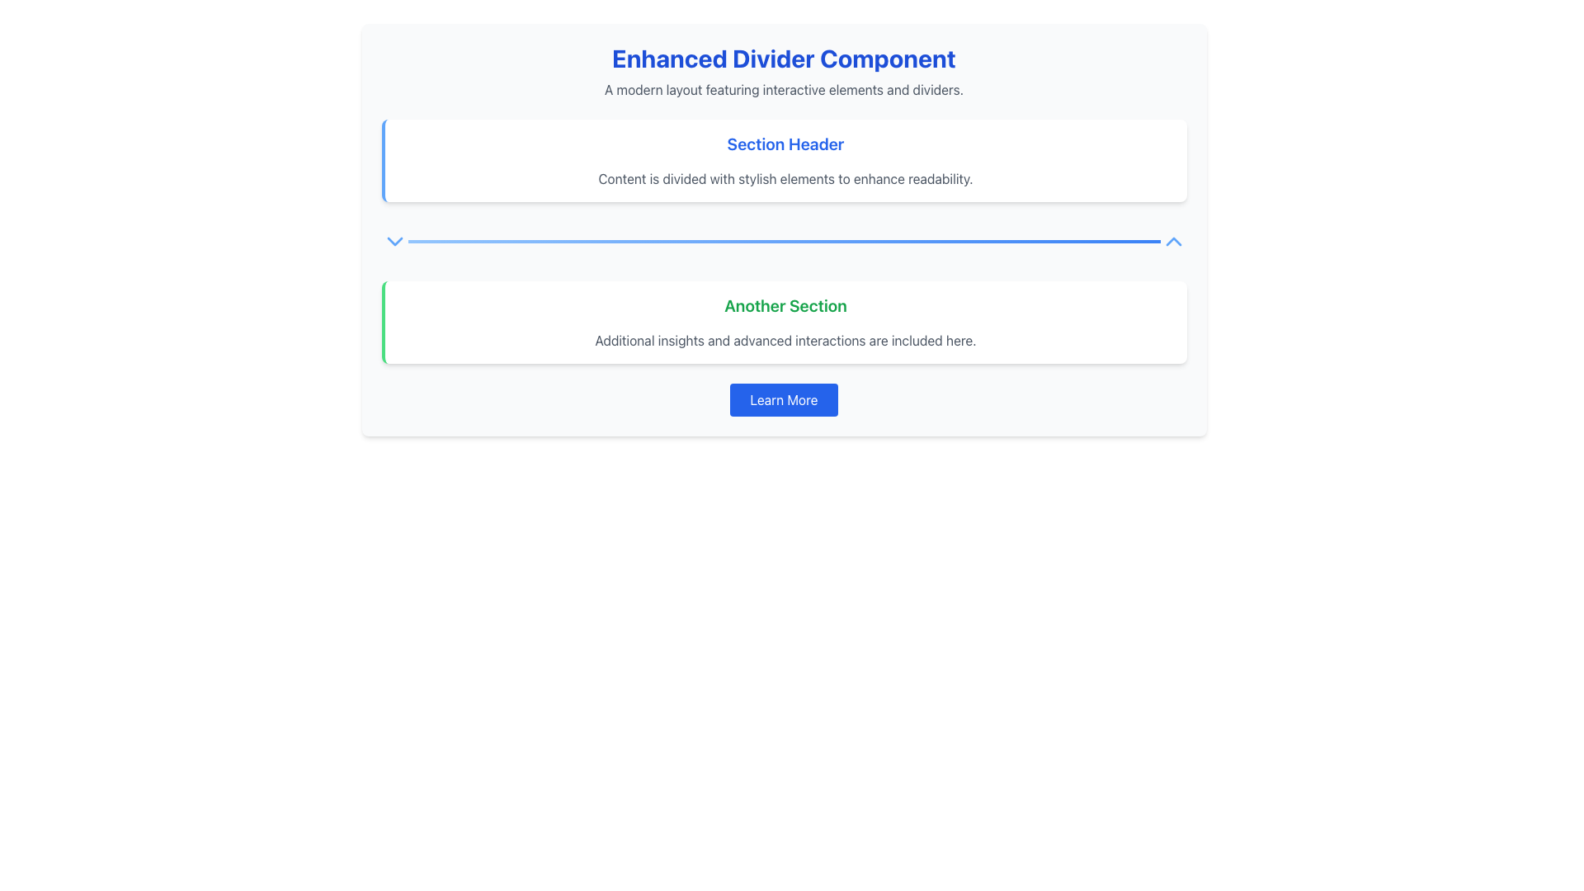 The height and width of the screenshot is (891, 1584). Describe the element at coordinates (783, 400) in the screenshot. I see `the blue button labeled 'Learn More' located in the bottom section of 'Another Section' to follow a link or trigger an action` at that location.